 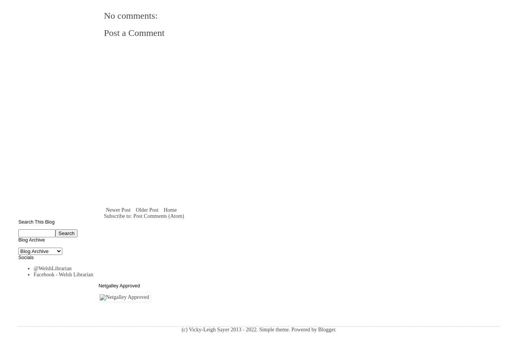 What do you see at coordinates (25, 256) in the screenshot?
I see `'Socials'` at bounding box center [25, 256].